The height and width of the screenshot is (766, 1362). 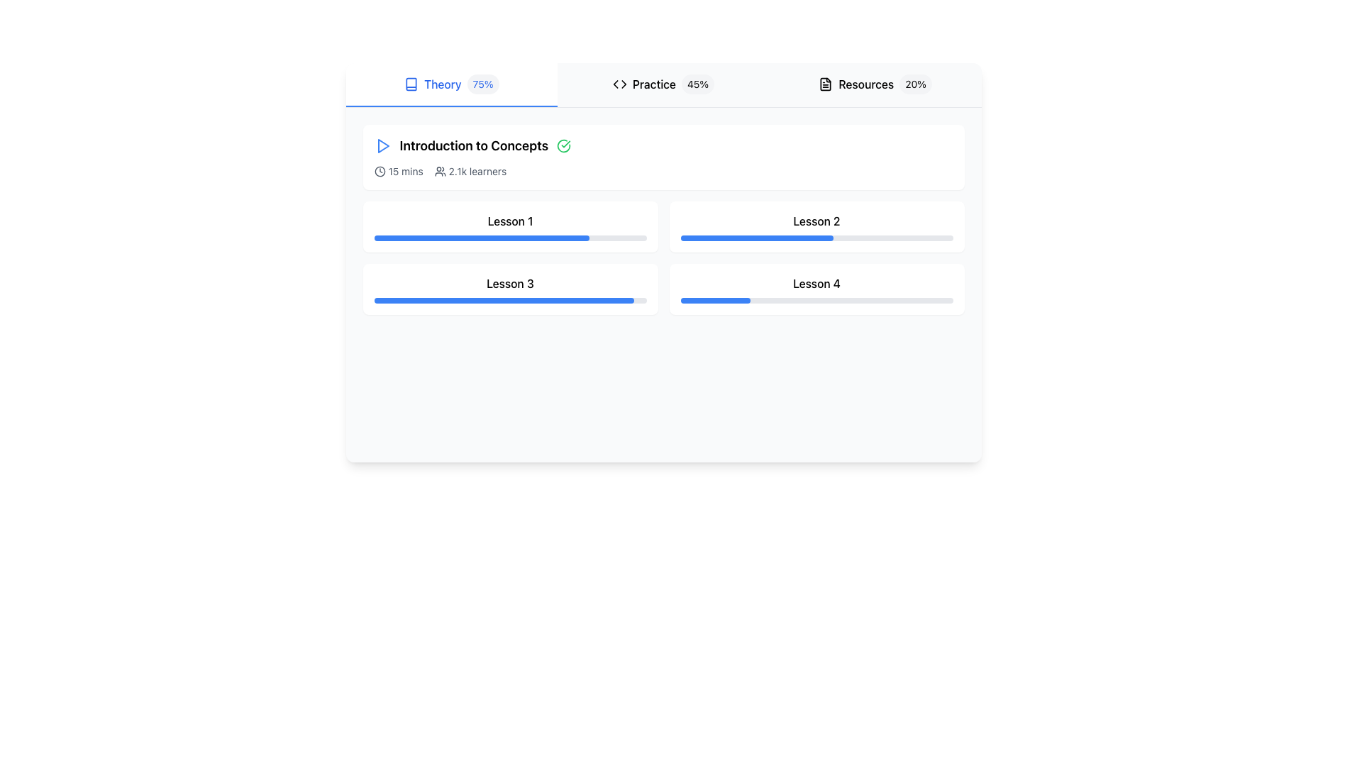 What do you see at coordinates (474, 145) in the screenshot?
I see `the text display component labeled 'Introduction to Concepts', which is centrally positioned and uses a bold font, indicating it is a title or section heading` at bounding box center [474, 145].